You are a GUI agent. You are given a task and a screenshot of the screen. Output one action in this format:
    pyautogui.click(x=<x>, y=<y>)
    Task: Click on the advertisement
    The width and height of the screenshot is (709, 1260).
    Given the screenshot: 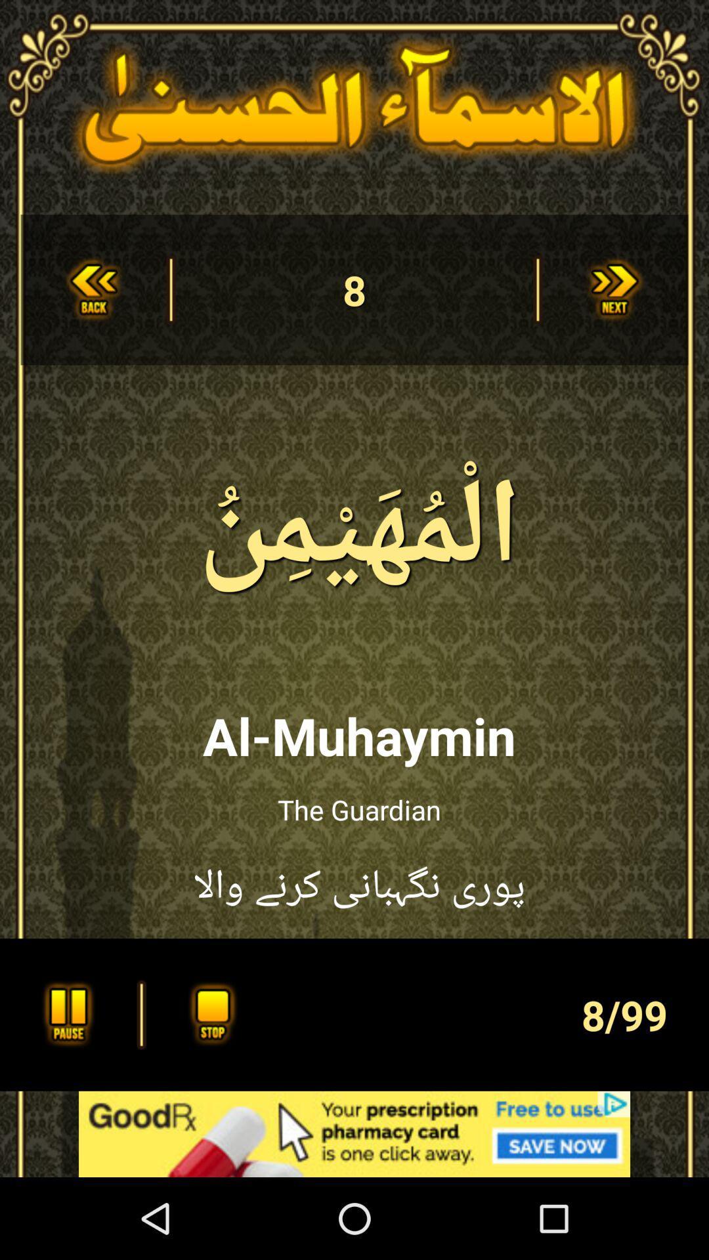 What is the action you would take?
    pyautogui.click(x=354, y=1133)
    